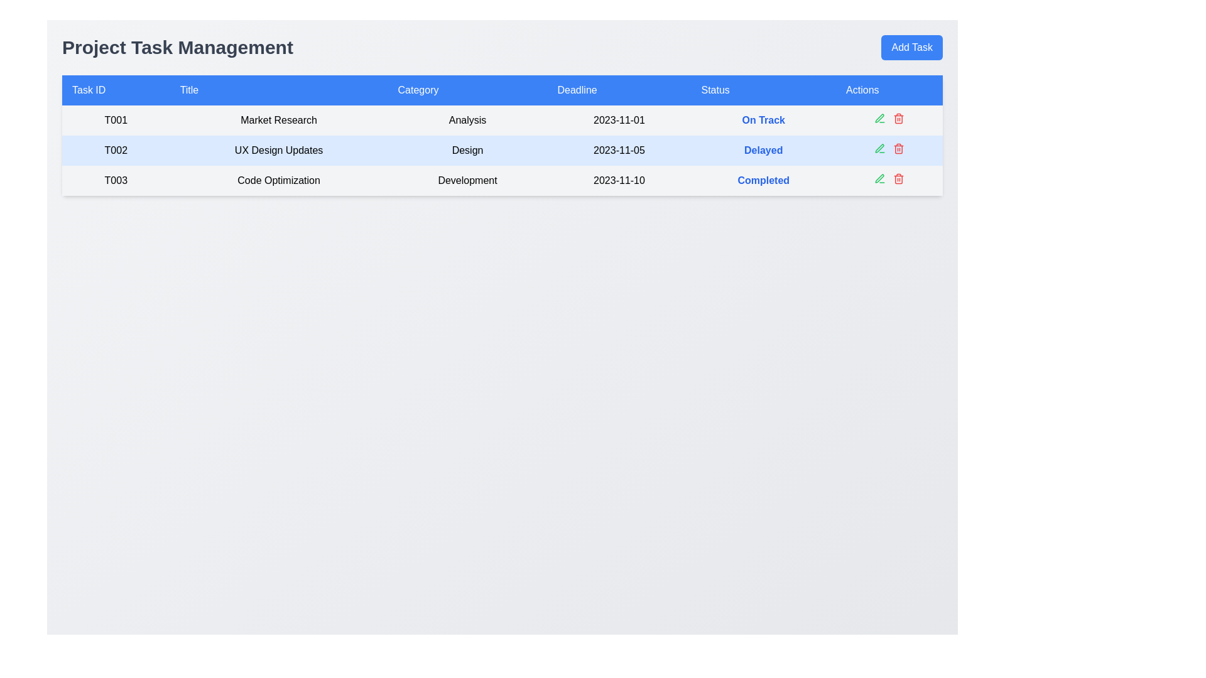  Describe the element at coordinates (619, 121) in the screenshot. I see `the date display element showing '2023-11-01' in the fourth column of the first data row, which is part of a project details table` at that location.